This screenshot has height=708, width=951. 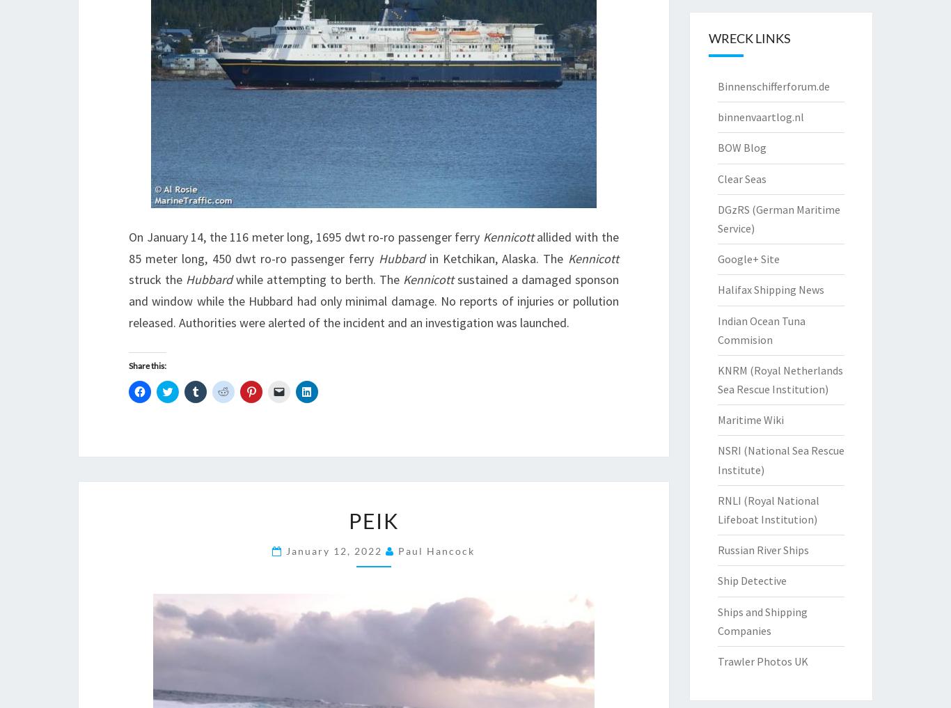 What do you see at coordinates (769, 289) in the screenshot?
I see `'Halifax Shipping News'` at bounding box center [769, 289].